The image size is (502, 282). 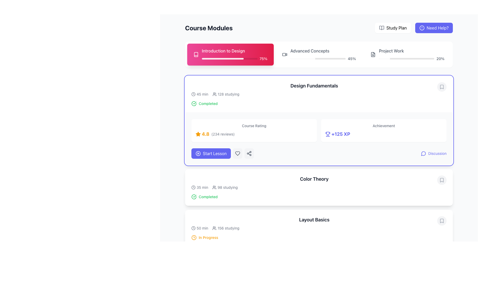 I want to click on the static information display card that indicates an achievement reward and provides information about earned experience points (XP), located in the upper-right section of the layout, so click(x=384, y=130).